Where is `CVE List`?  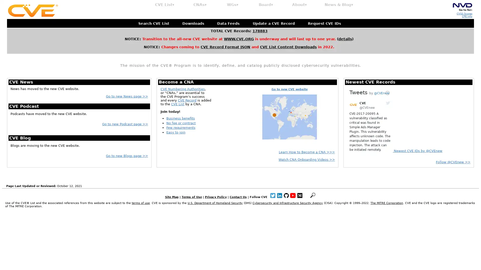
CVE List is located at coordinates (165, 5).